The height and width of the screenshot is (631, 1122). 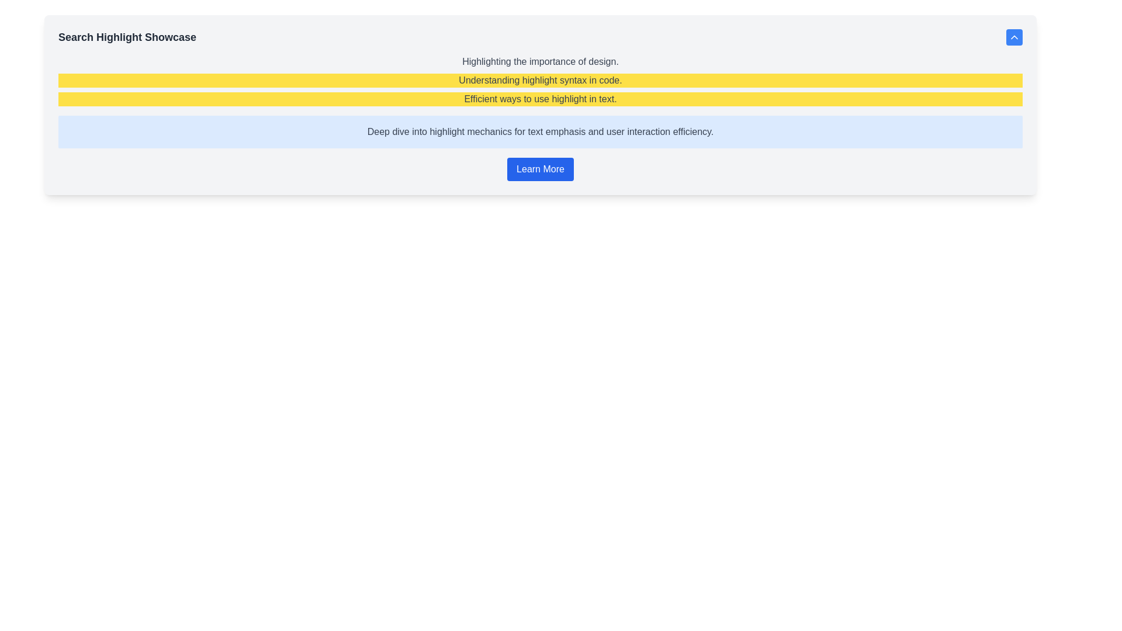 I want to click on the upward navigation icon located in the top-right corner of the main interface card, so click(x=1014, y=37).